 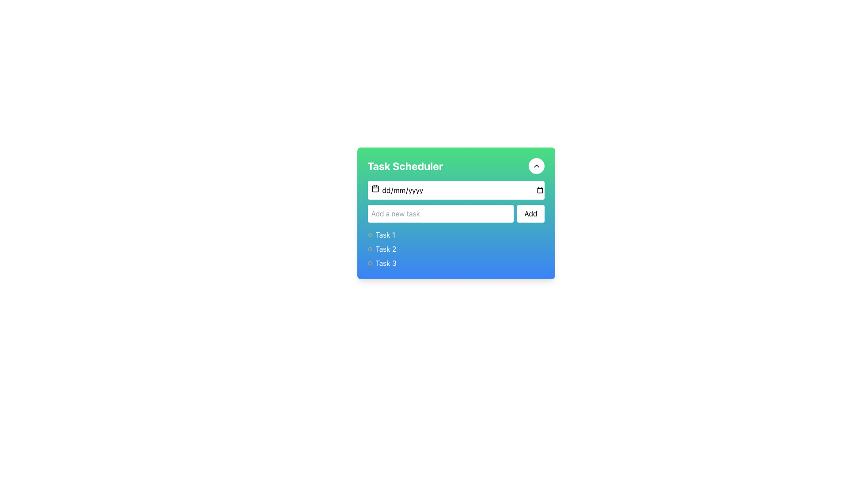 I want to click on the upward arrow icon located at the center of the circular button in the top-right corner of the Task Scheduler interface, so click(x=536, y=166).